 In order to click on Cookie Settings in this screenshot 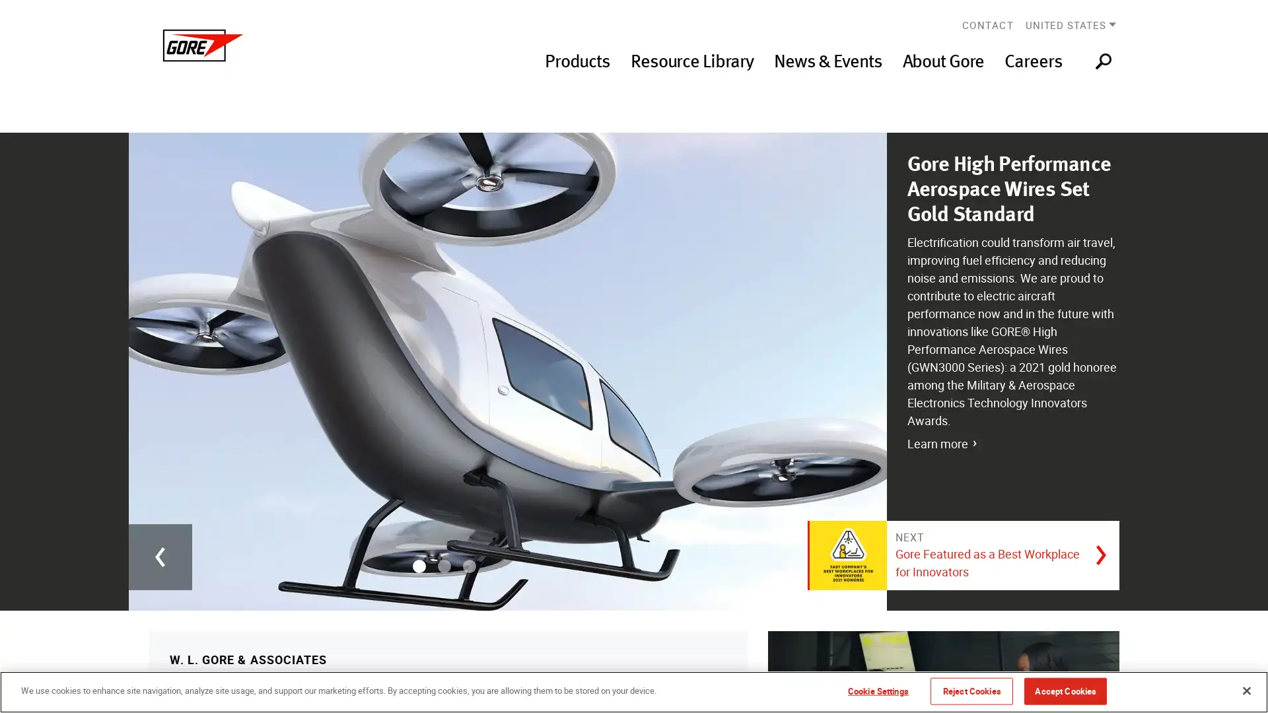, I will do `click(878, 690)`.